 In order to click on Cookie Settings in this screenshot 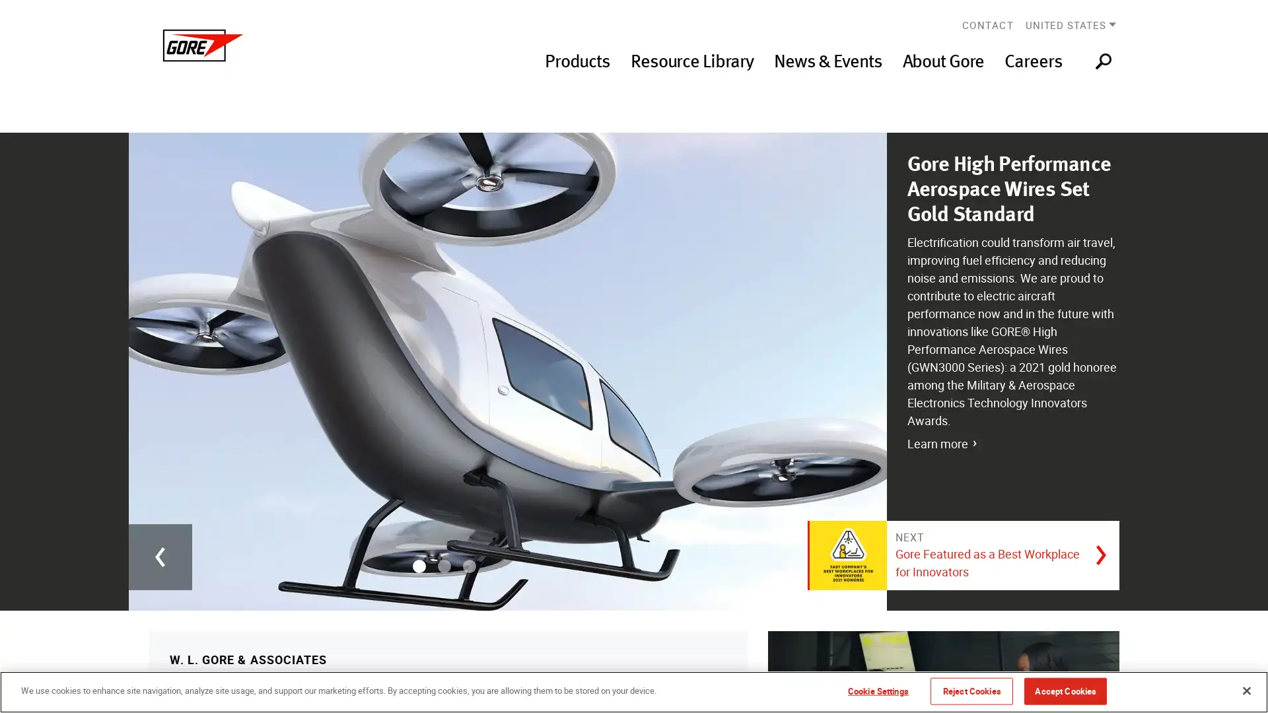, I will do `click(878, 690)`.